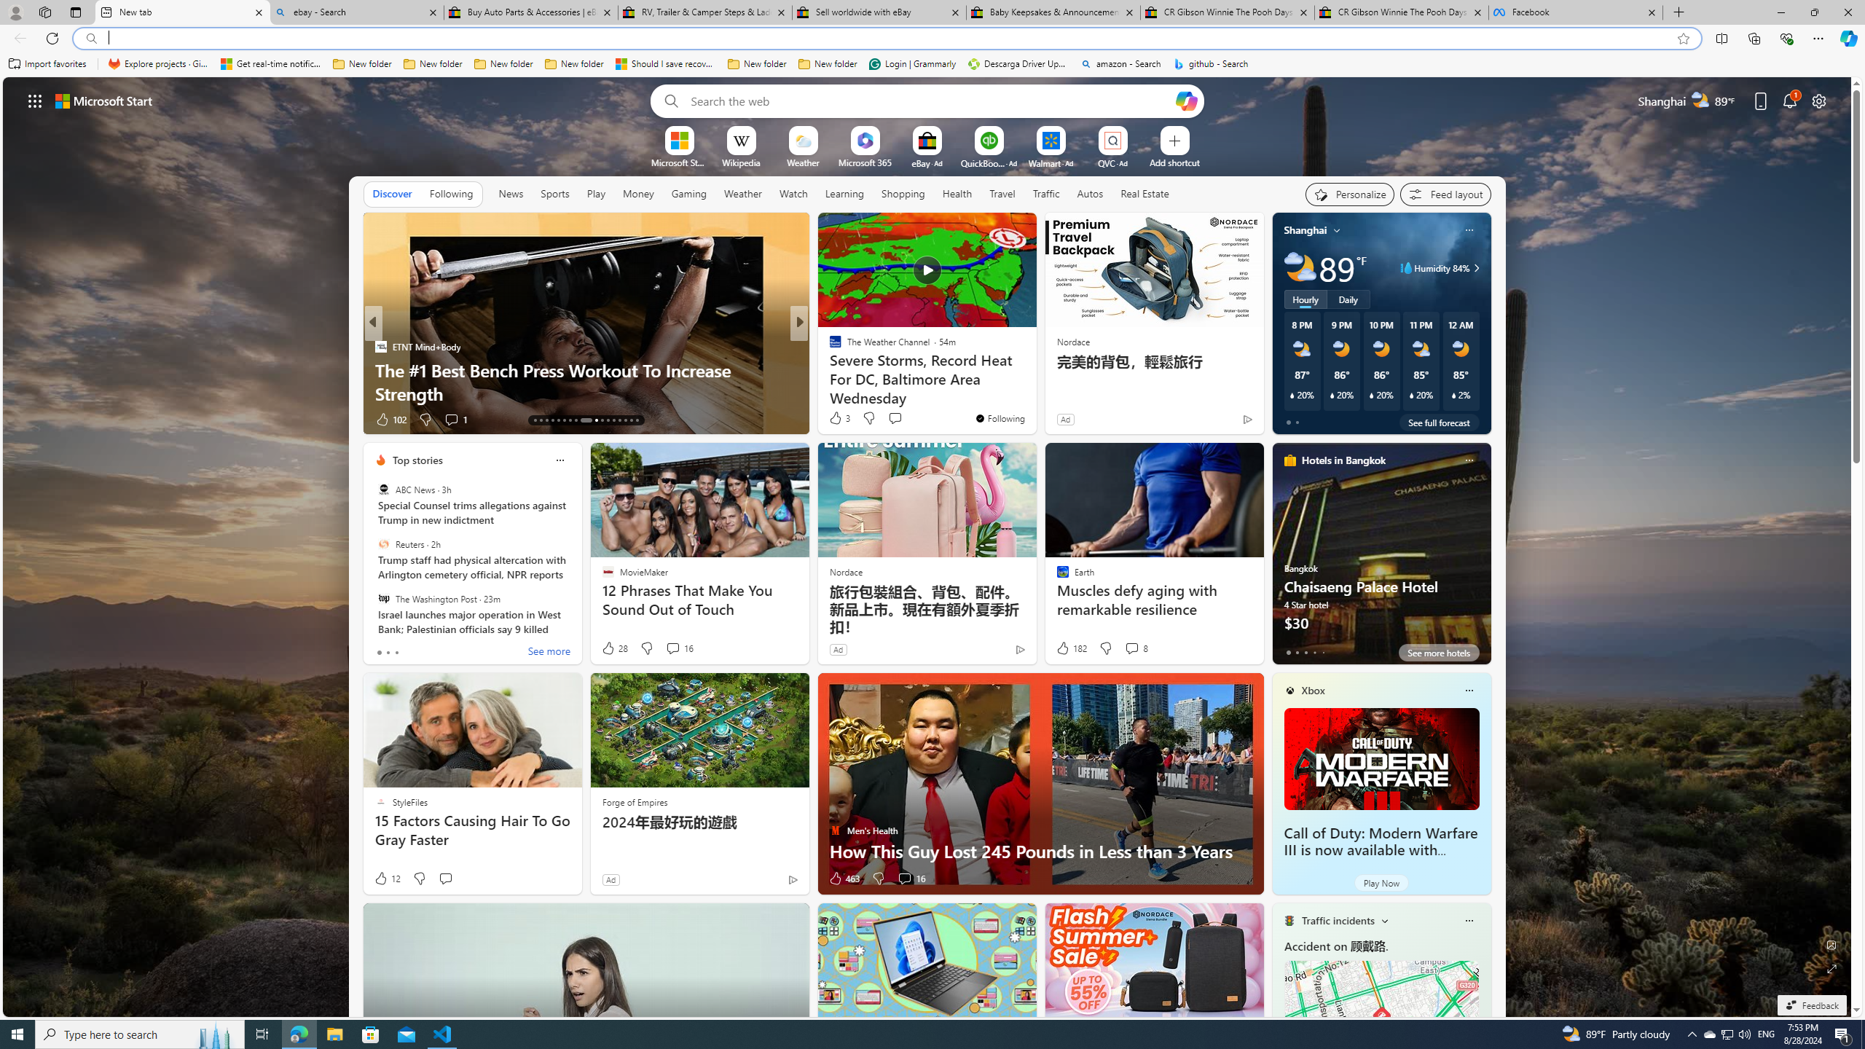  I want to click on 'Class: weather-current-precipitation-glyph', so click(1453, 394).